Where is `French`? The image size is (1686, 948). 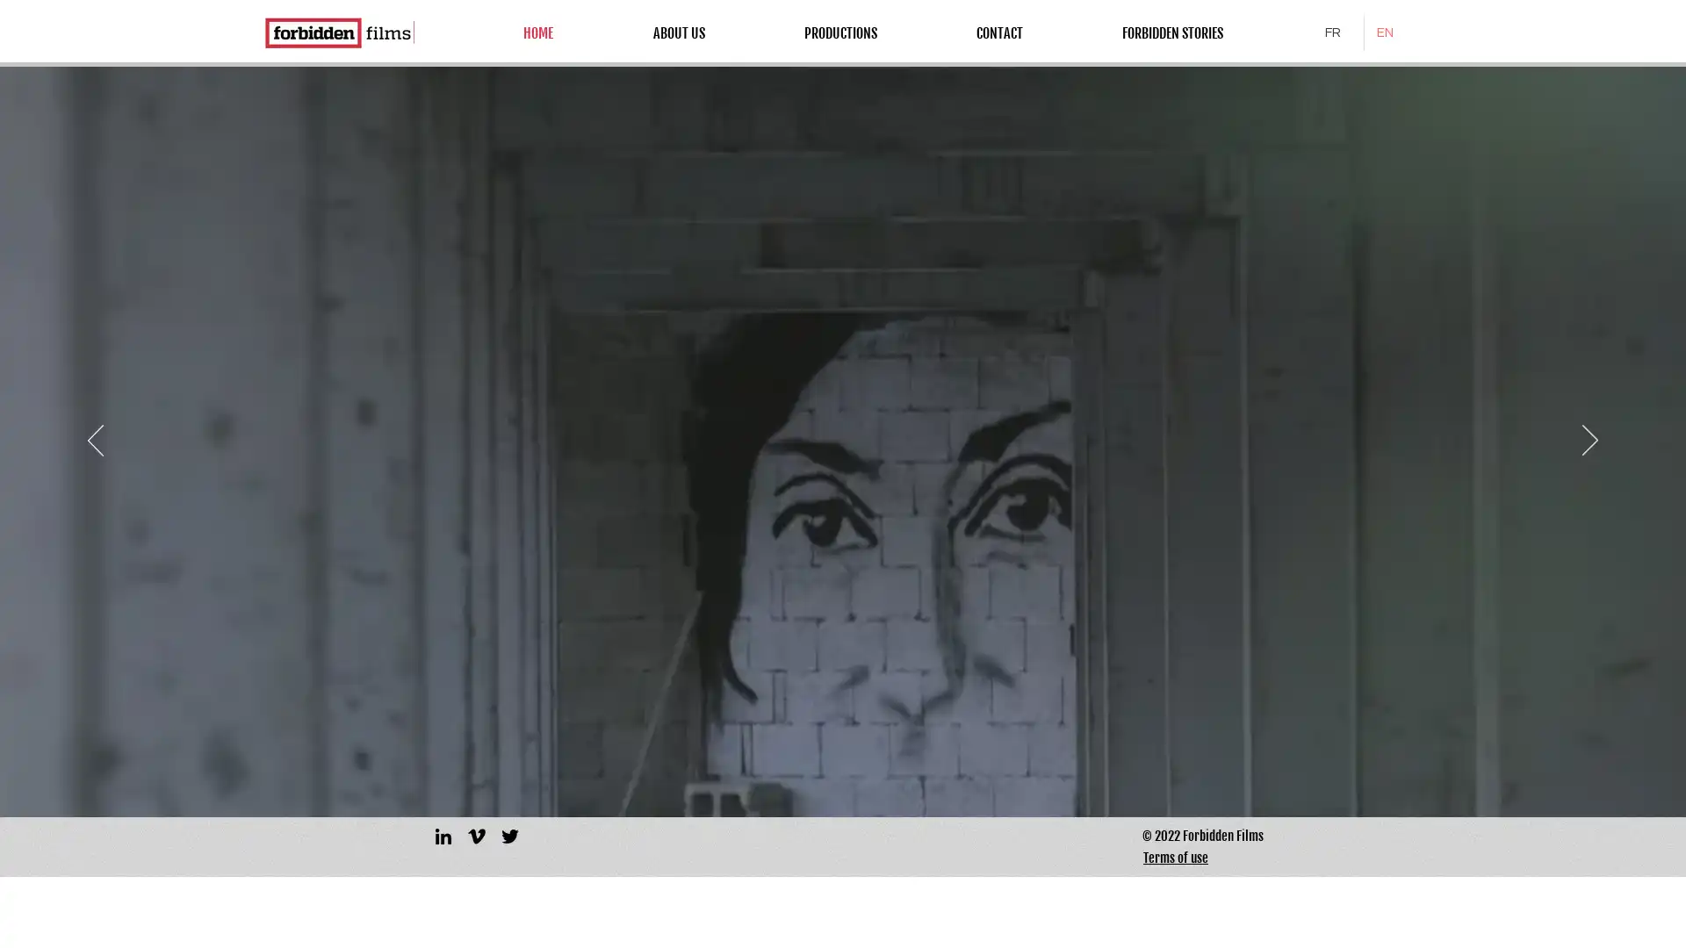 French is located at coordinates (1337, 32).